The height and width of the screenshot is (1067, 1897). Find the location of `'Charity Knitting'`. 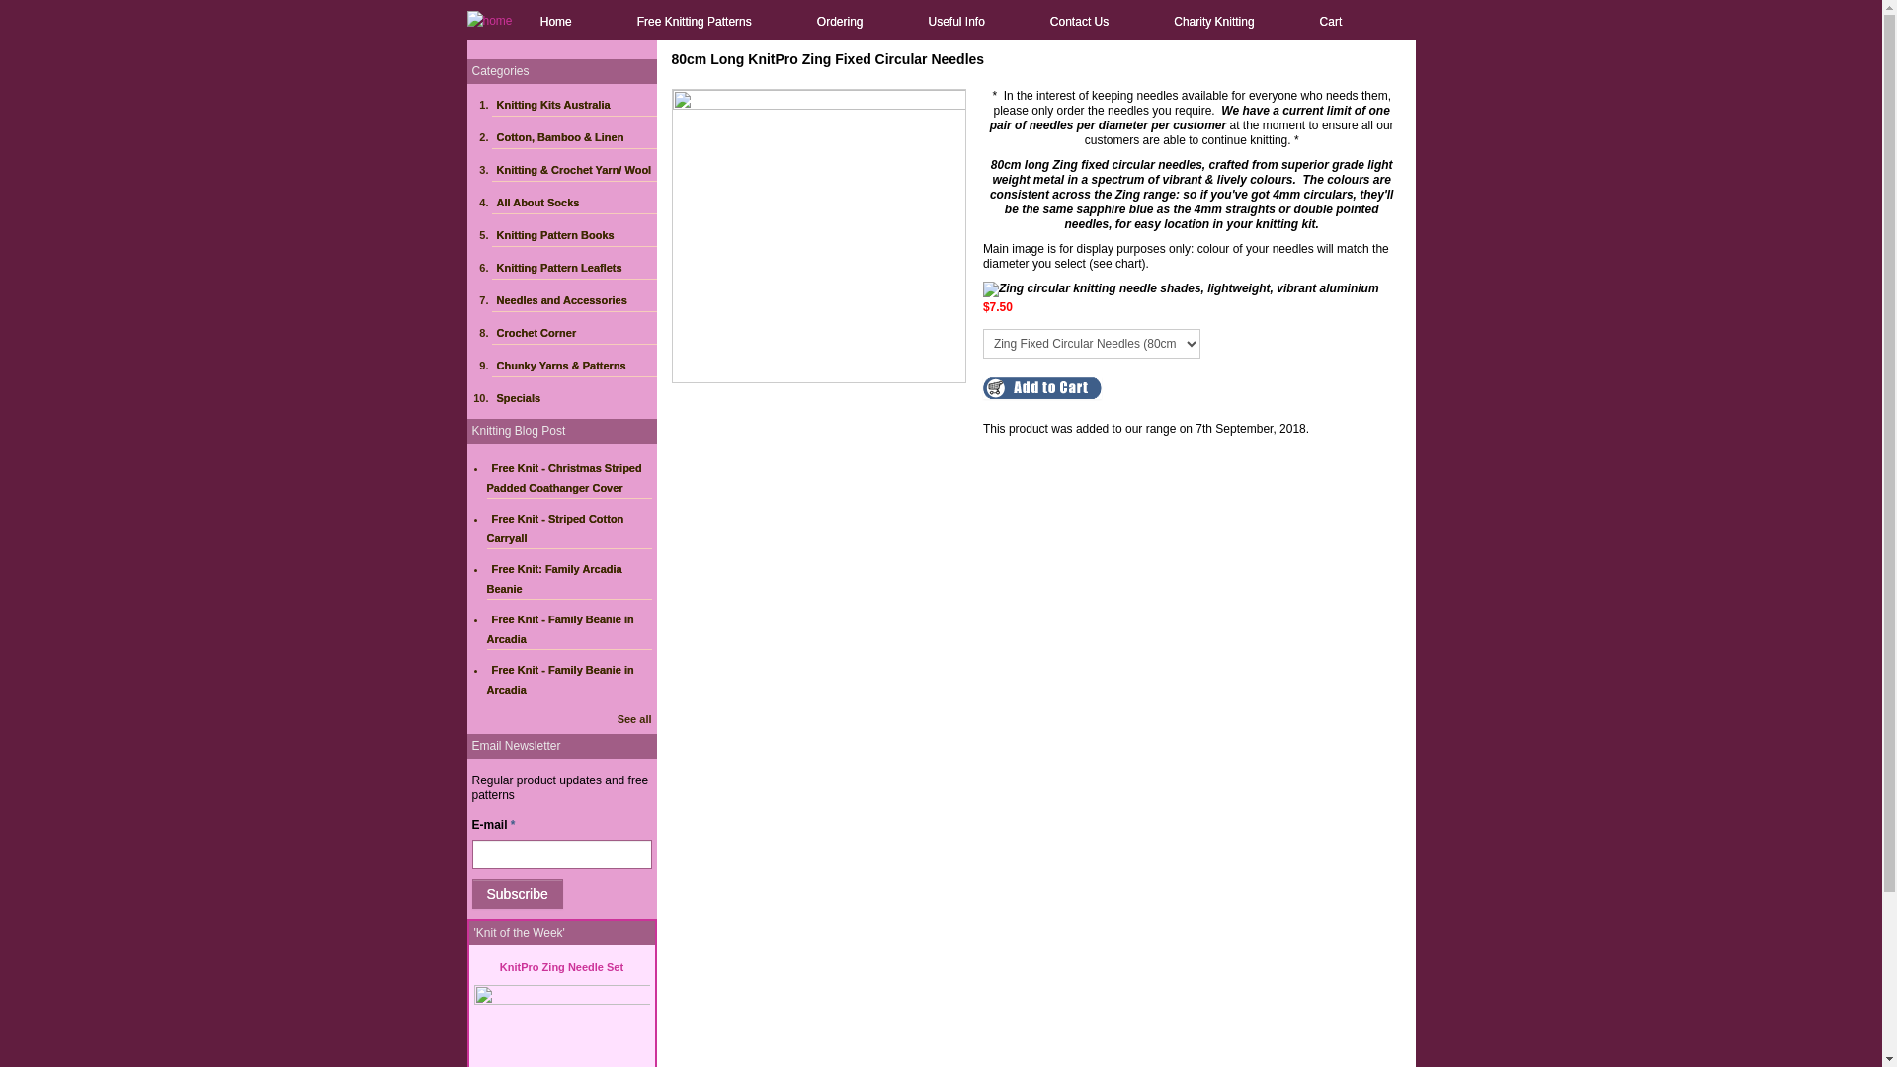

'Charity Knitting' is located at coordinates (1212, 22).